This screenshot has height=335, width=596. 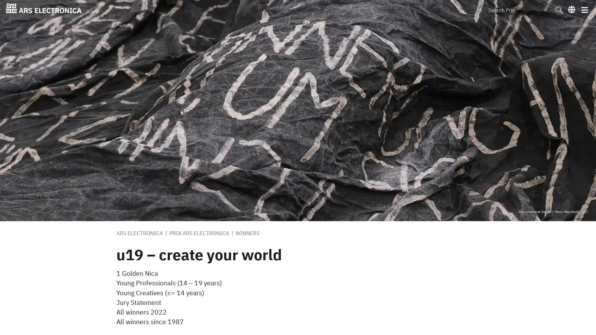 I want to click on Toggle navigation, so click(x=584, y=9).